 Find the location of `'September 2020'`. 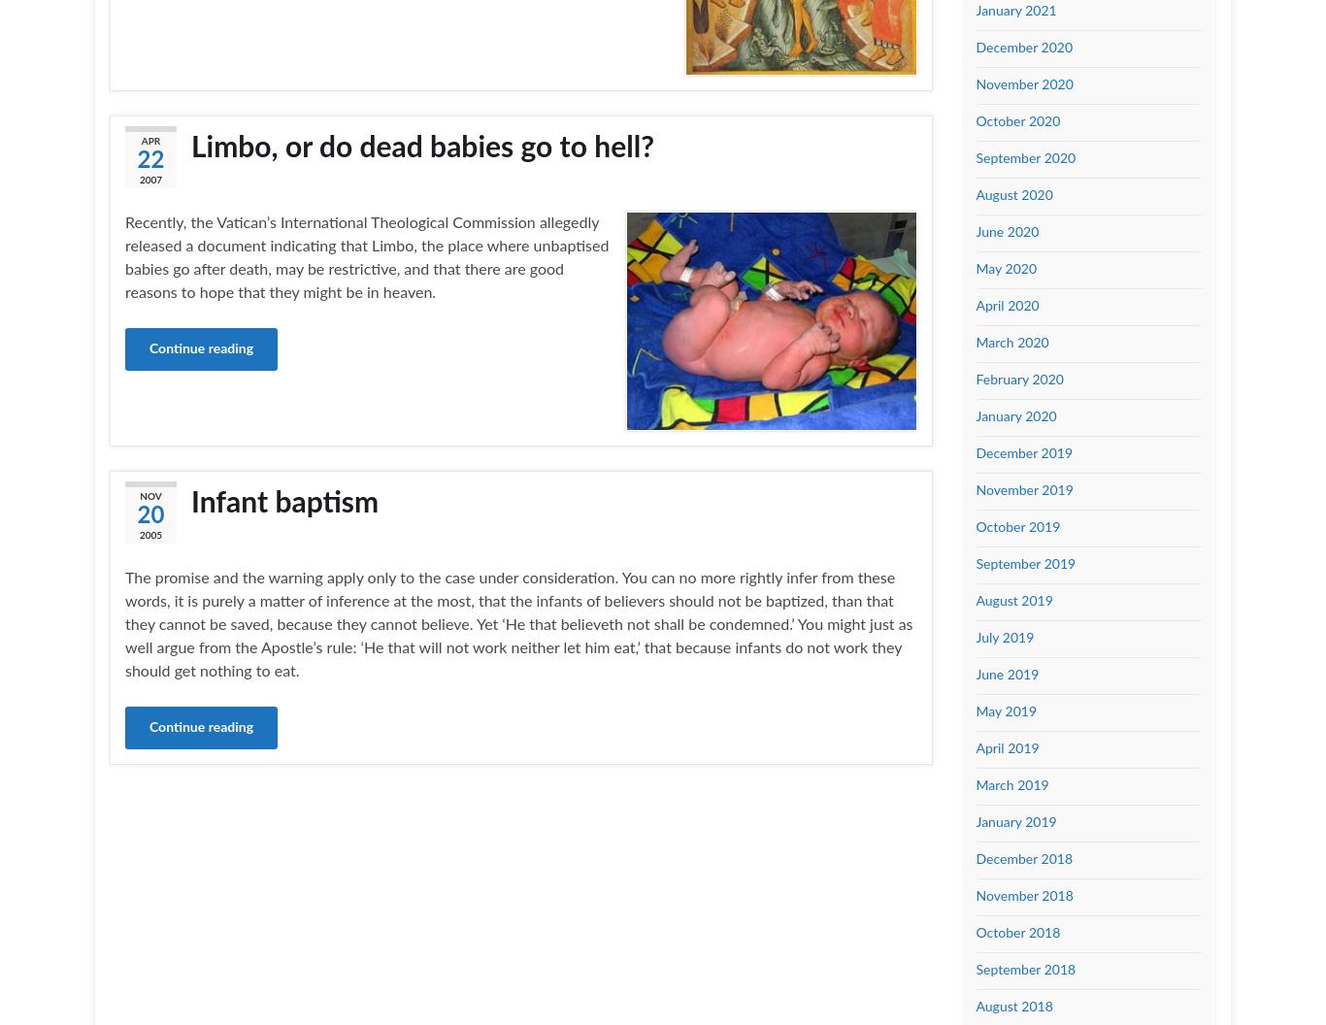

'September 2020' is located at coordinates (975, 158).